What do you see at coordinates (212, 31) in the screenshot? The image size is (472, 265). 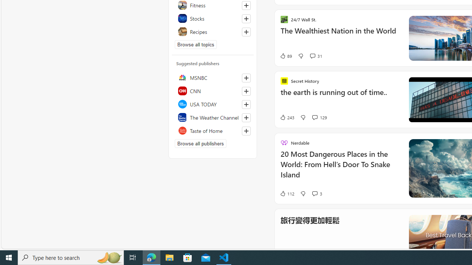 I see `'Recipes'` at bounding box center [212, 31].